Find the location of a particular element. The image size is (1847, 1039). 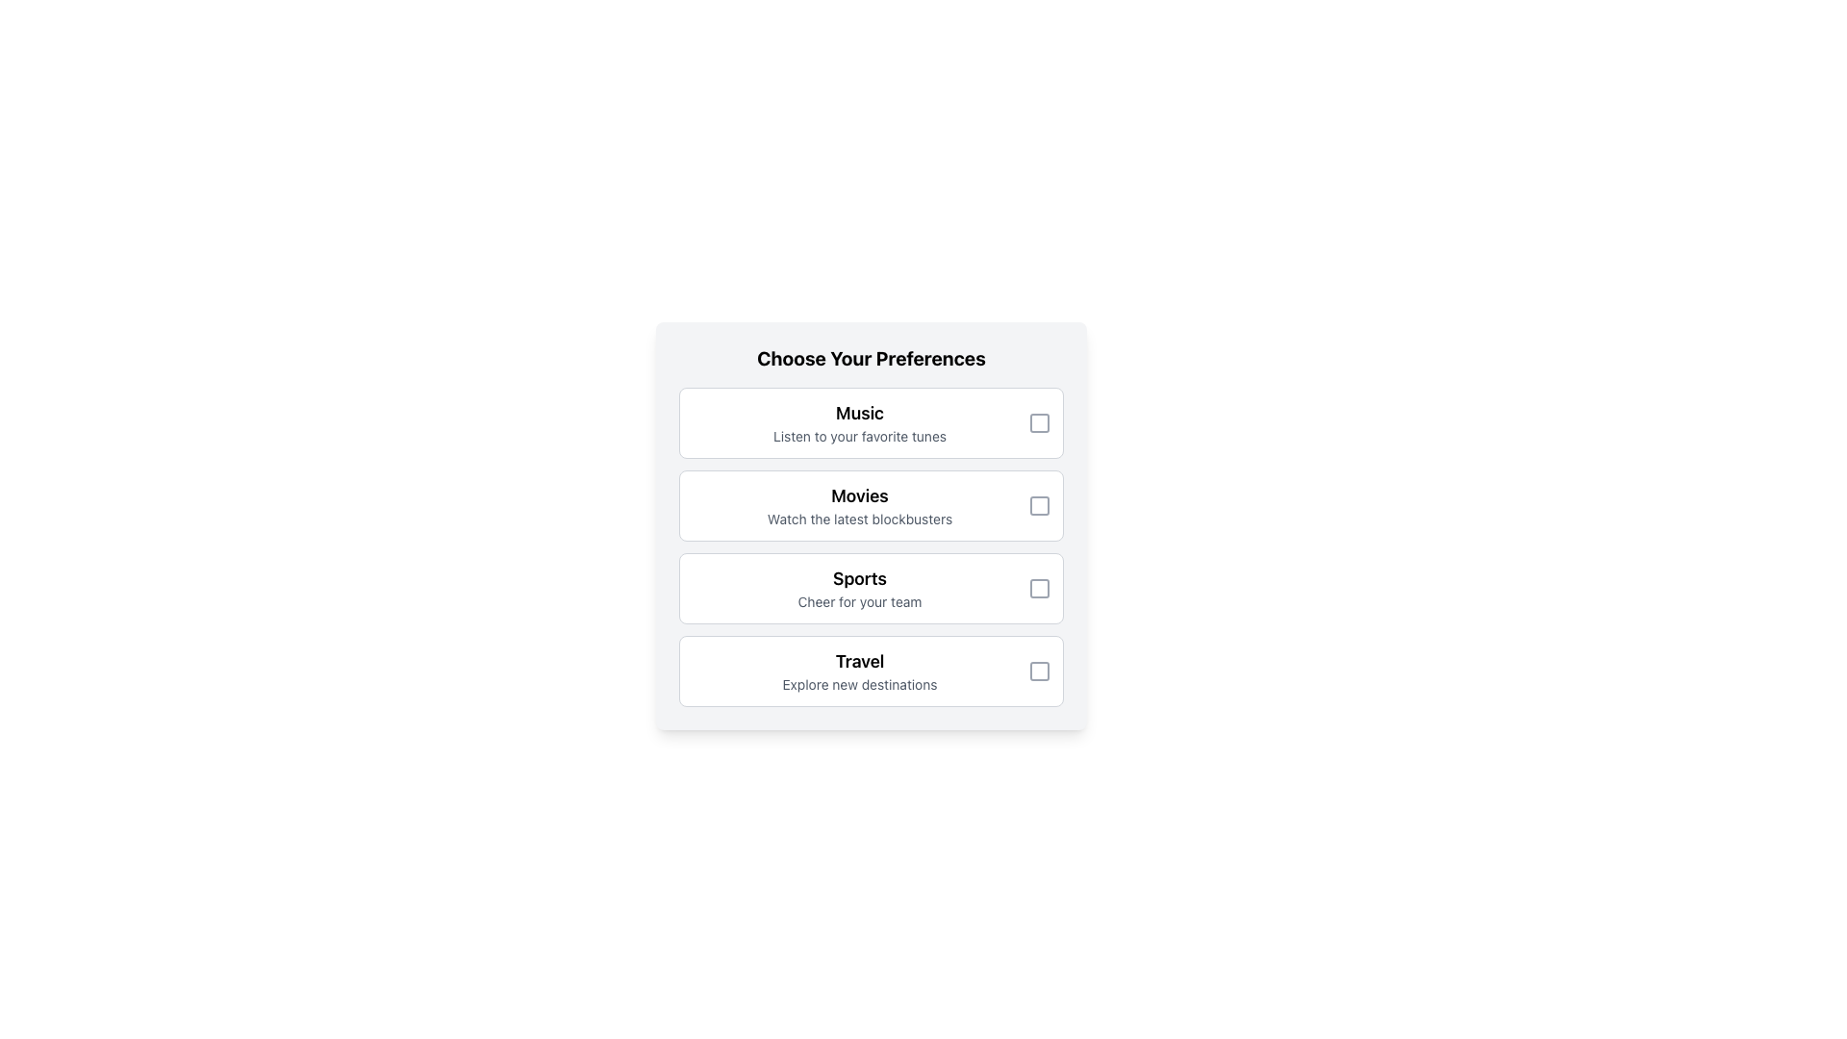

the 'Music' text label, which is a bold and larger font title aligned to the left, indicating it is the main heading for the section is located at coordinates (858, 412).